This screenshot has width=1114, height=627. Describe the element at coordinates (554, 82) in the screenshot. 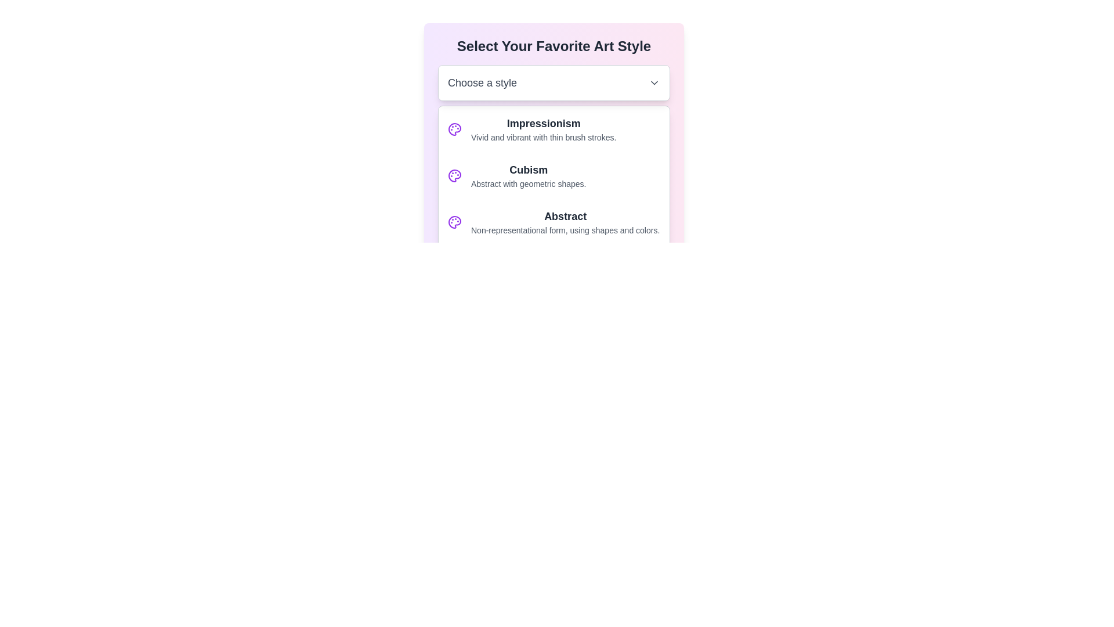

I see `the dropdown menu labeled 'Choose a style'` at that location.